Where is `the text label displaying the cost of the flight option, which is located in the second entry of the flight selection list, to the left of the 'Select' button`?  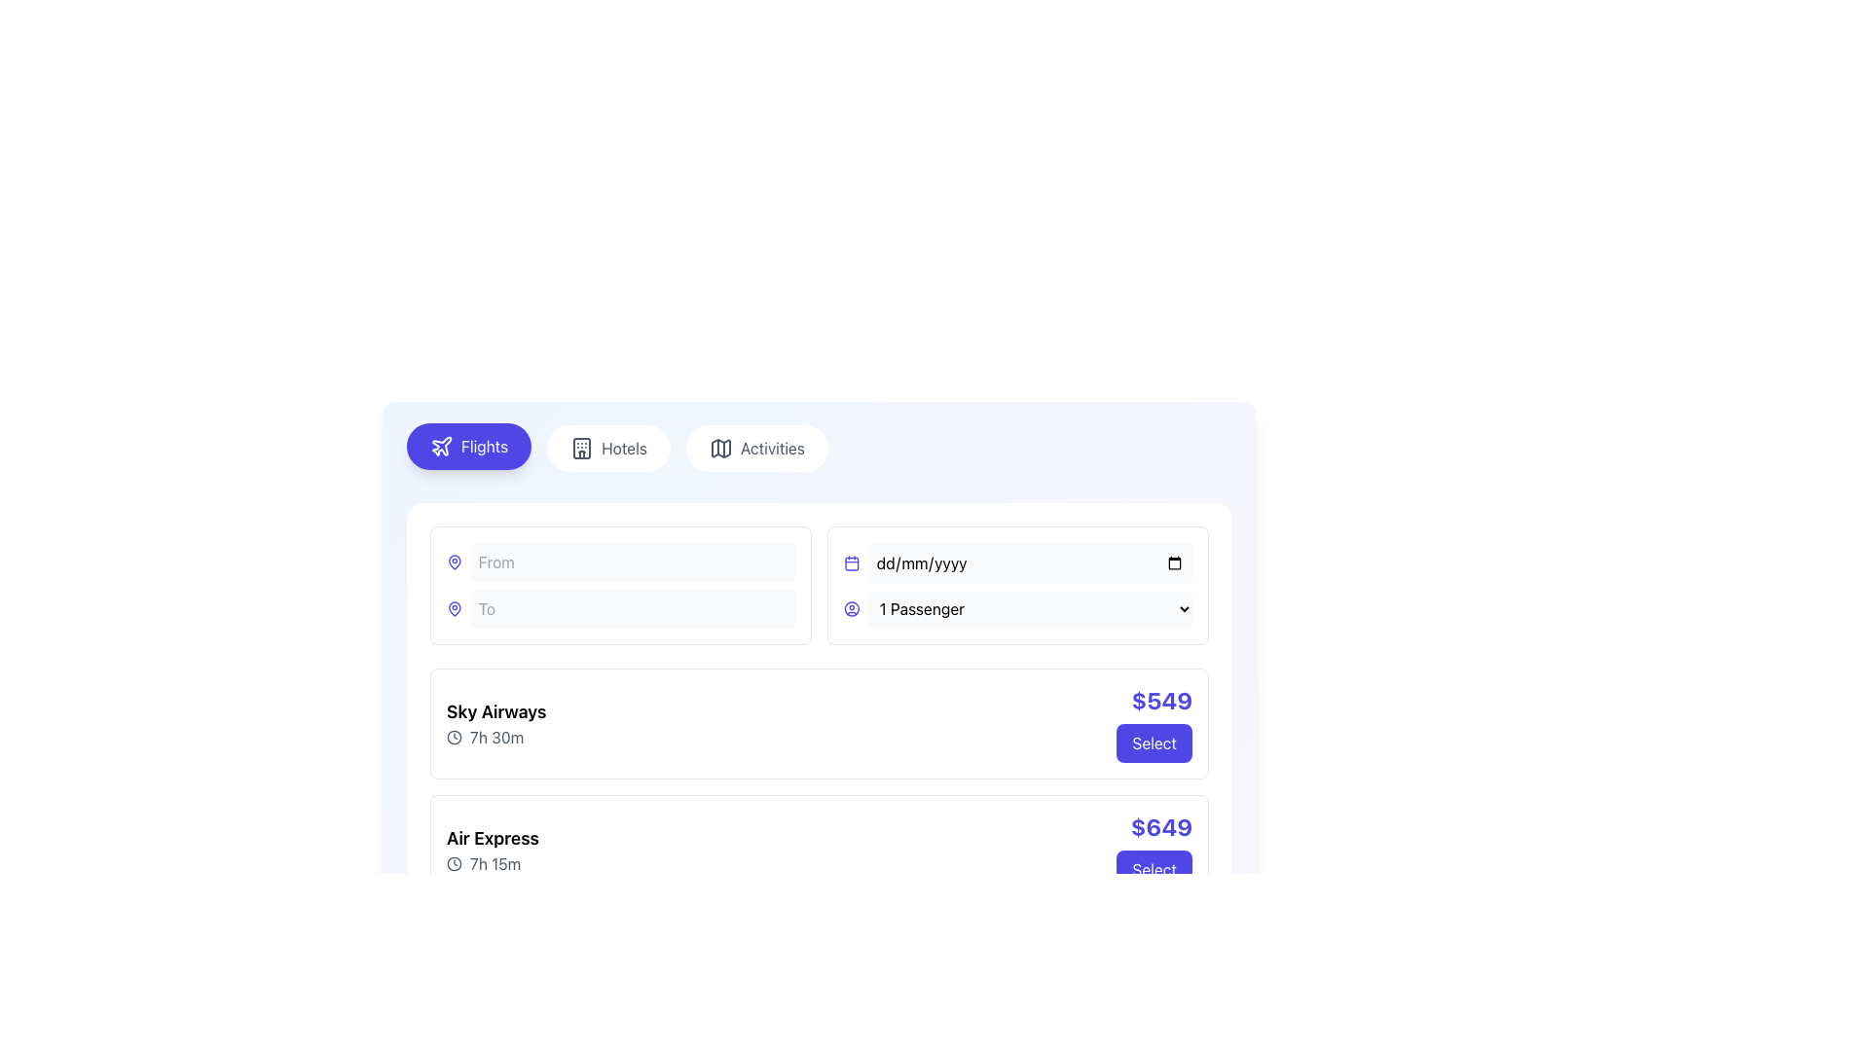 the text label displaying the cost of the flight option, which is located in the second entry of the flight selection list, to the left of the 'Select' button is located at coordinates (1154, 826).